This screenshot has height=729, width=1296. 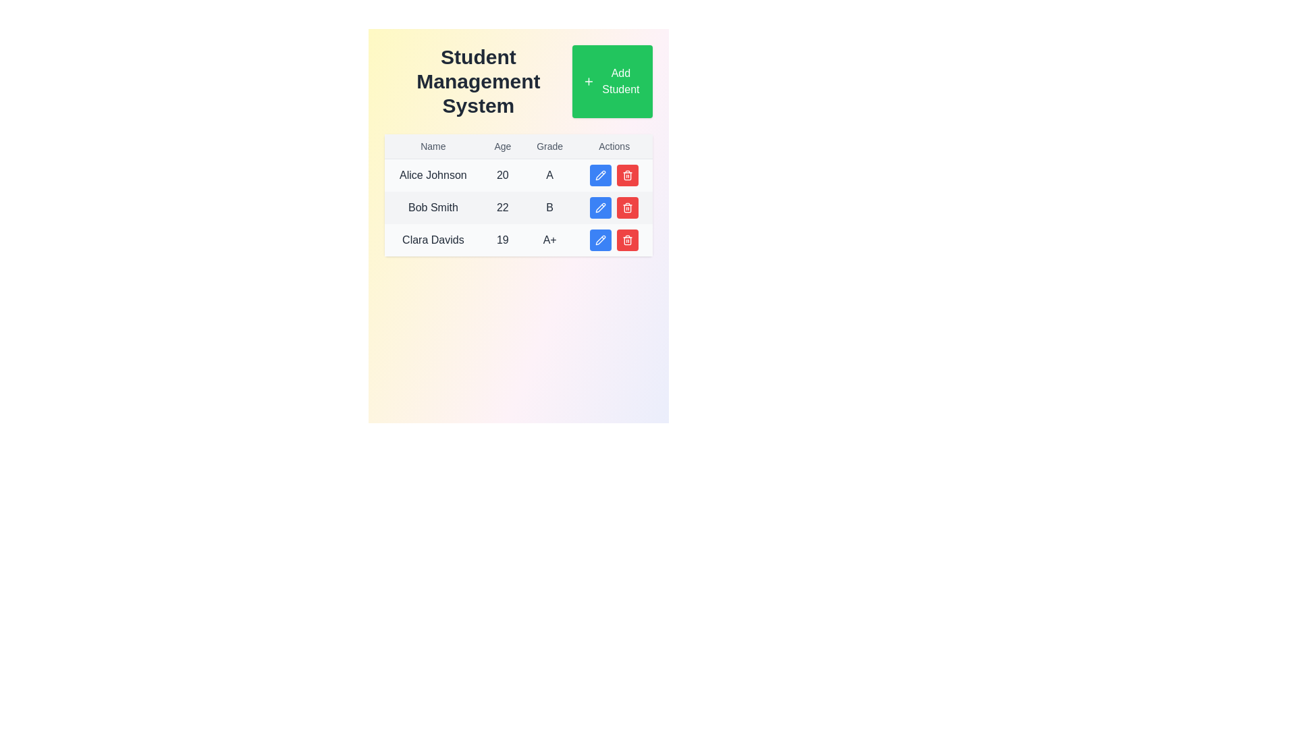 I want to click on the 'Grade' column header in the table, which is located between the 'Age' header on the left and the 'Actions' header on the right, so click(x=549, y=146).